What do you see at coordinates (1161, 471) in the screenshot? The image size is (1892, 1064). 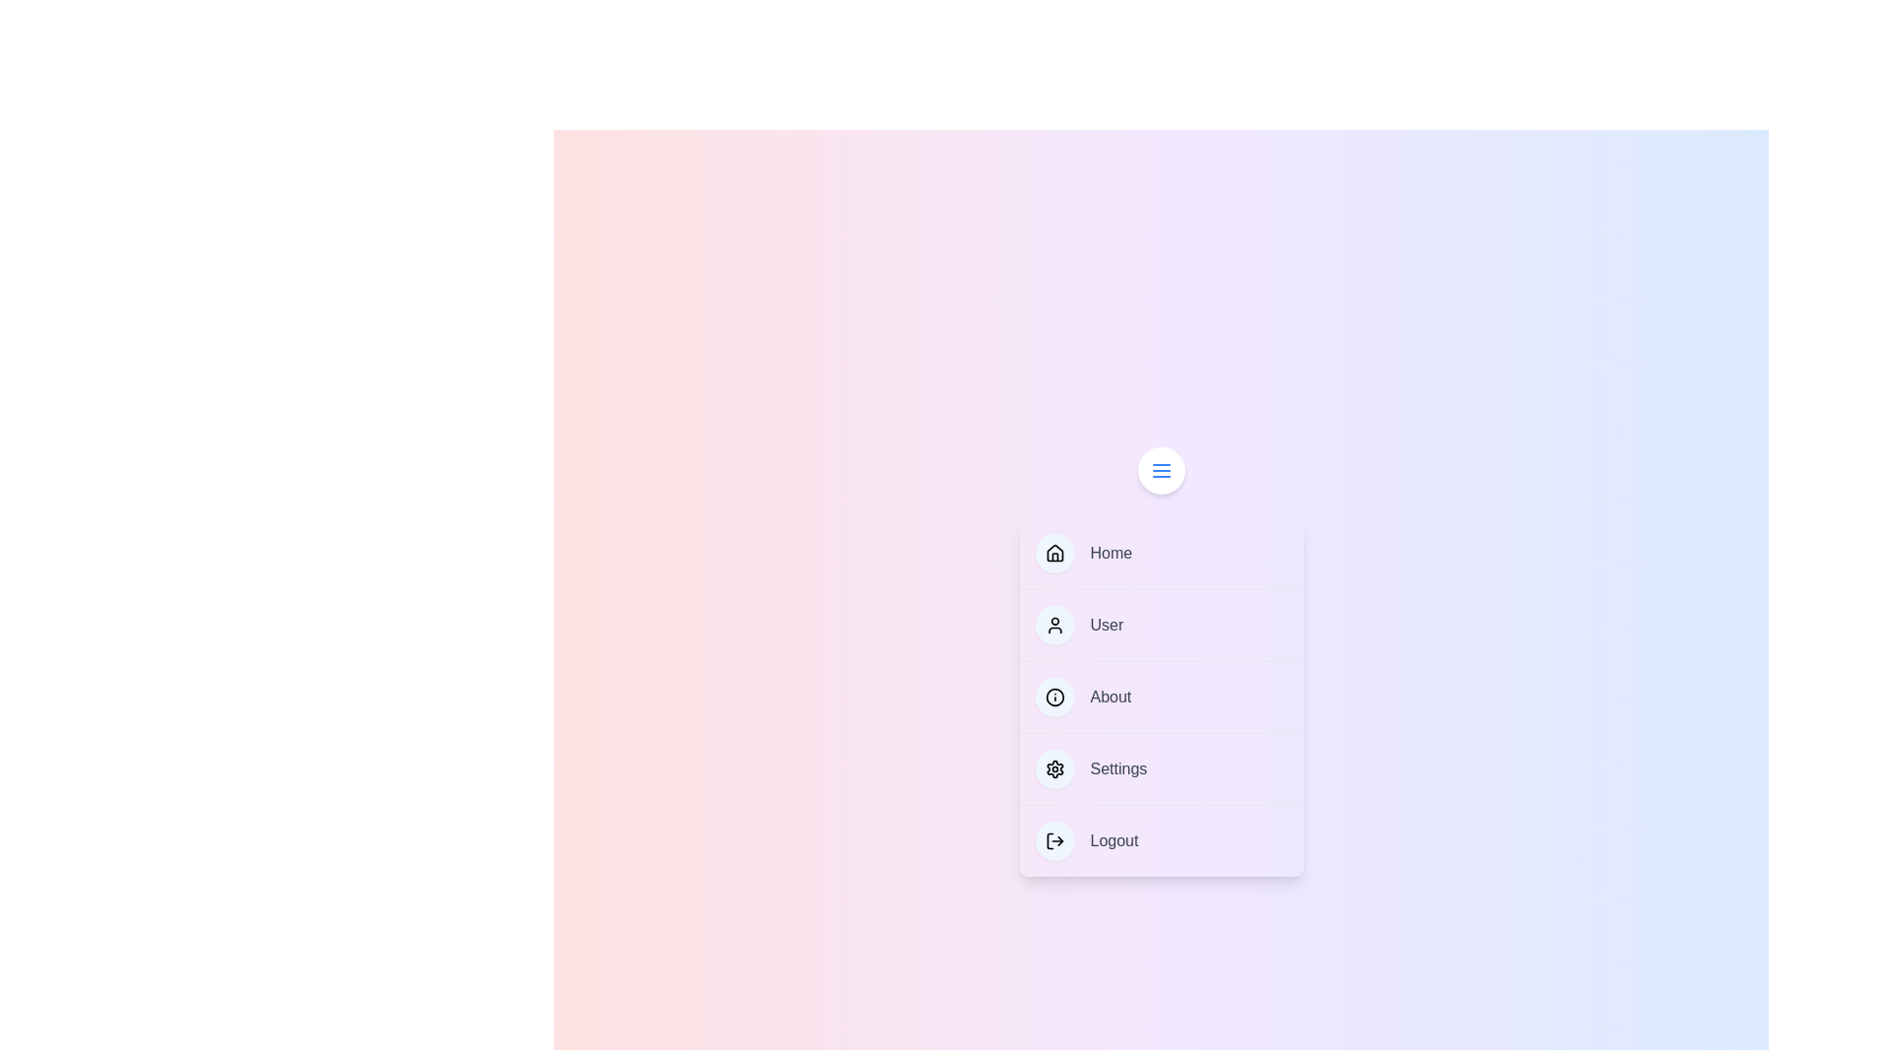 I see `the top floating button to toggle the menu visibility` at bounding box center [1161, 471].